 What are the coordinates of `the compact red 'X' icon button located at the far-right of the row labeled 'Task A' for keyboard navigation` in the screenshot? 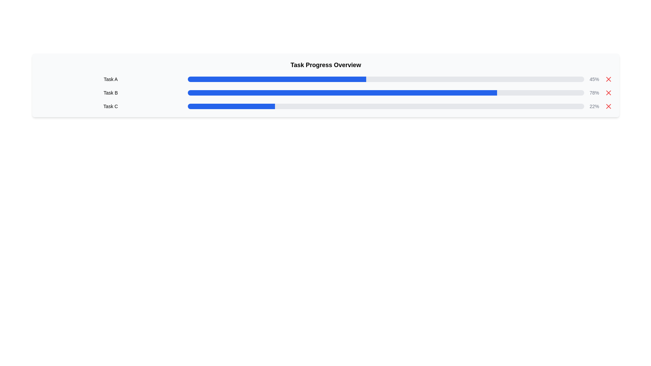 It's located at (609, 79).